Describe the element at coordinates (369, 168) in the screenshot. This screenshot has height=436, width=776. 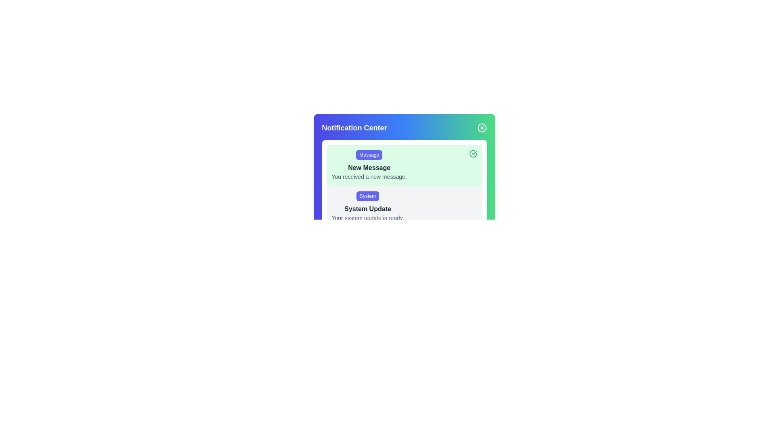
I see `'New Message' text label, which is bold and dark gray, positioned centrally below the 'Message' label within the notification card` at that location.